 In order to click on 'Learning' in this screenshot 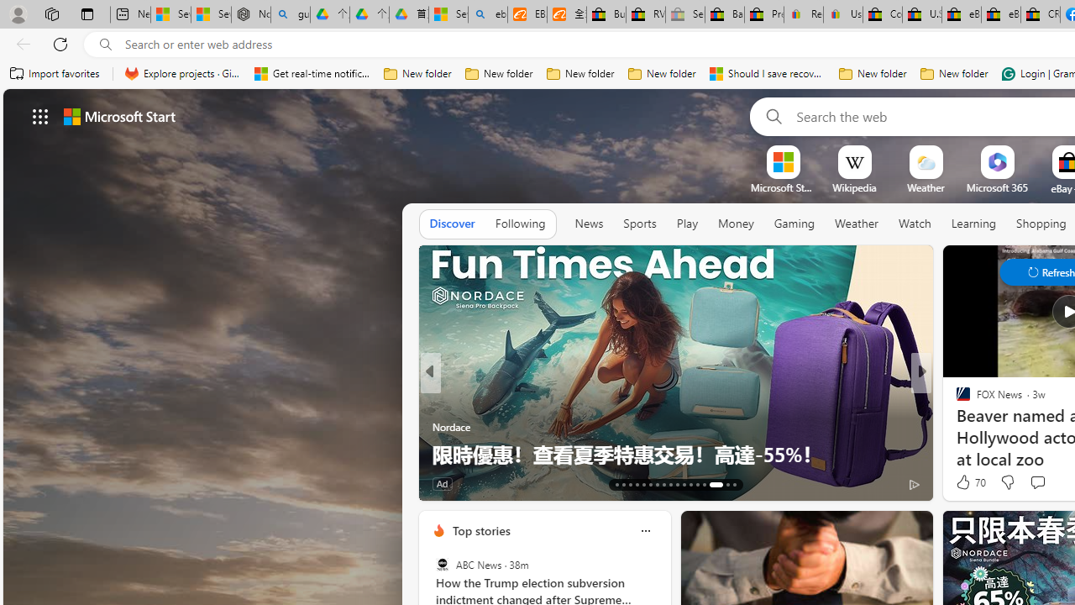, I will do `click(973, 223)`.